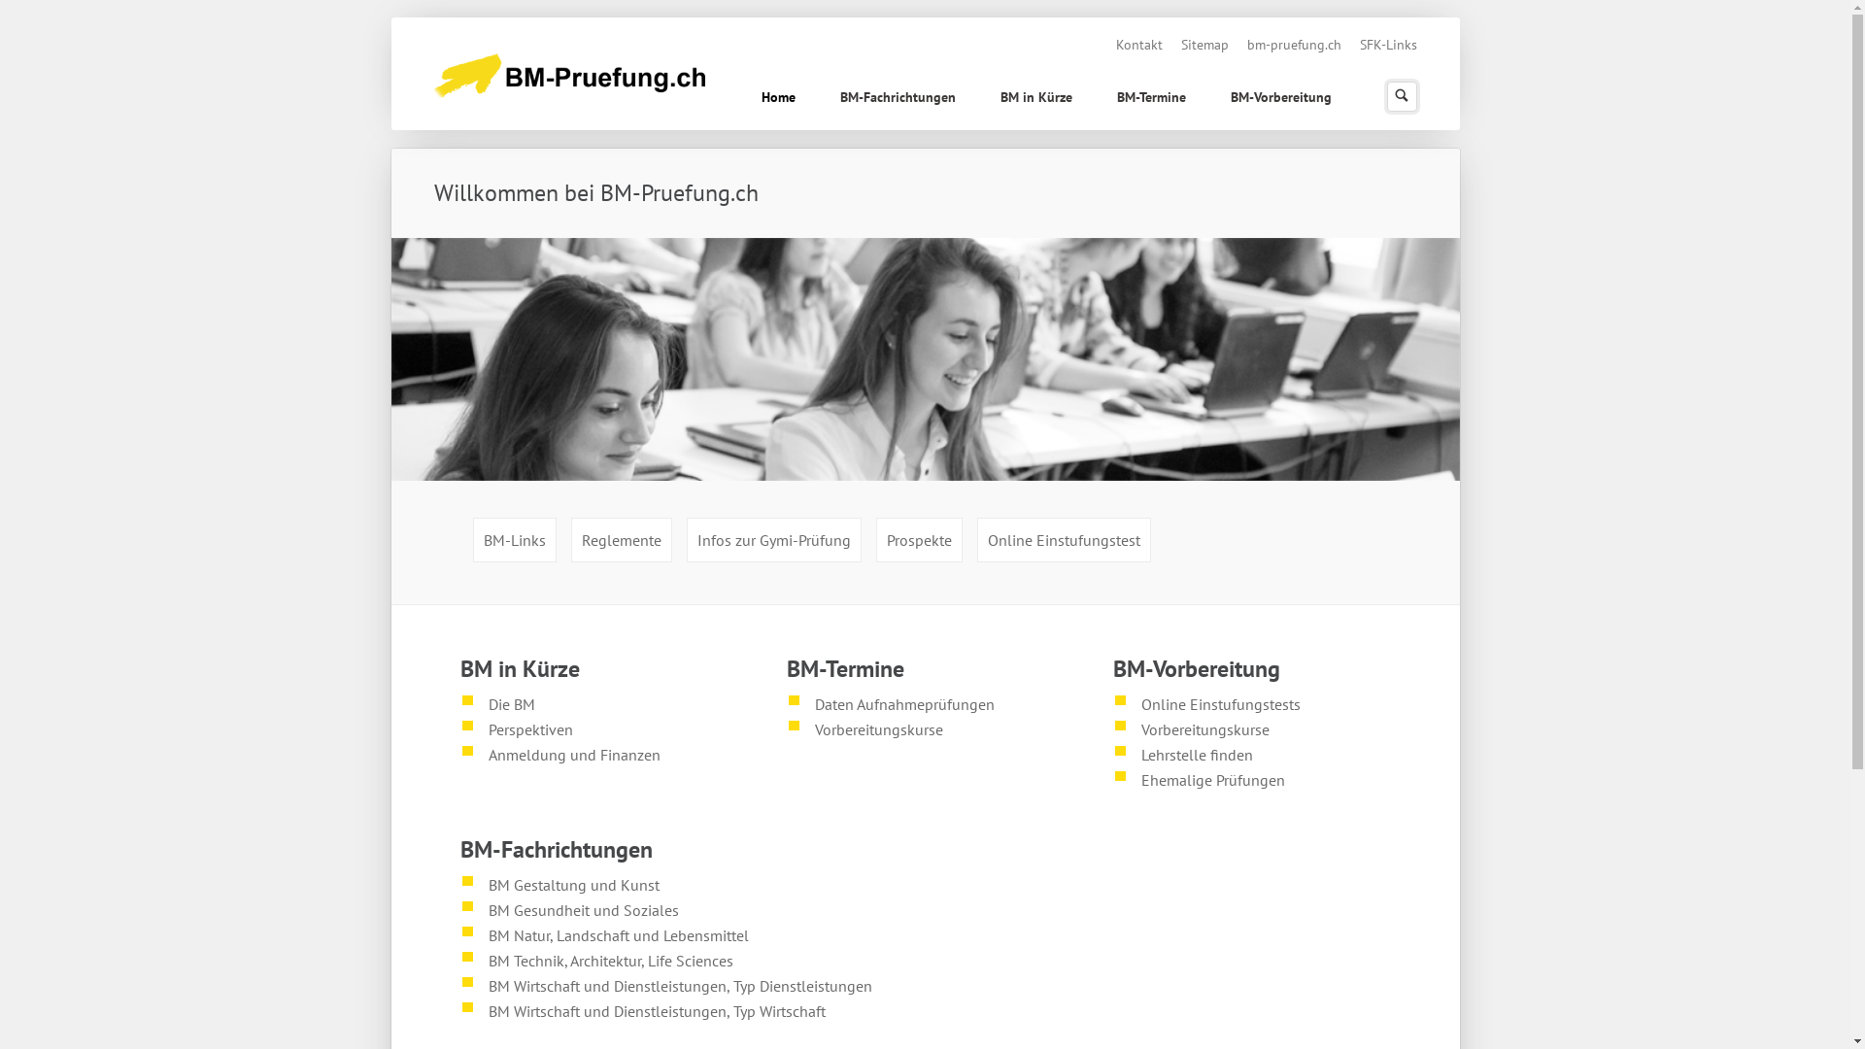 The height and width of the screenshot is (1049, 1865). I want to click on 'BM-Fachrichtungen', so click(897, 99).